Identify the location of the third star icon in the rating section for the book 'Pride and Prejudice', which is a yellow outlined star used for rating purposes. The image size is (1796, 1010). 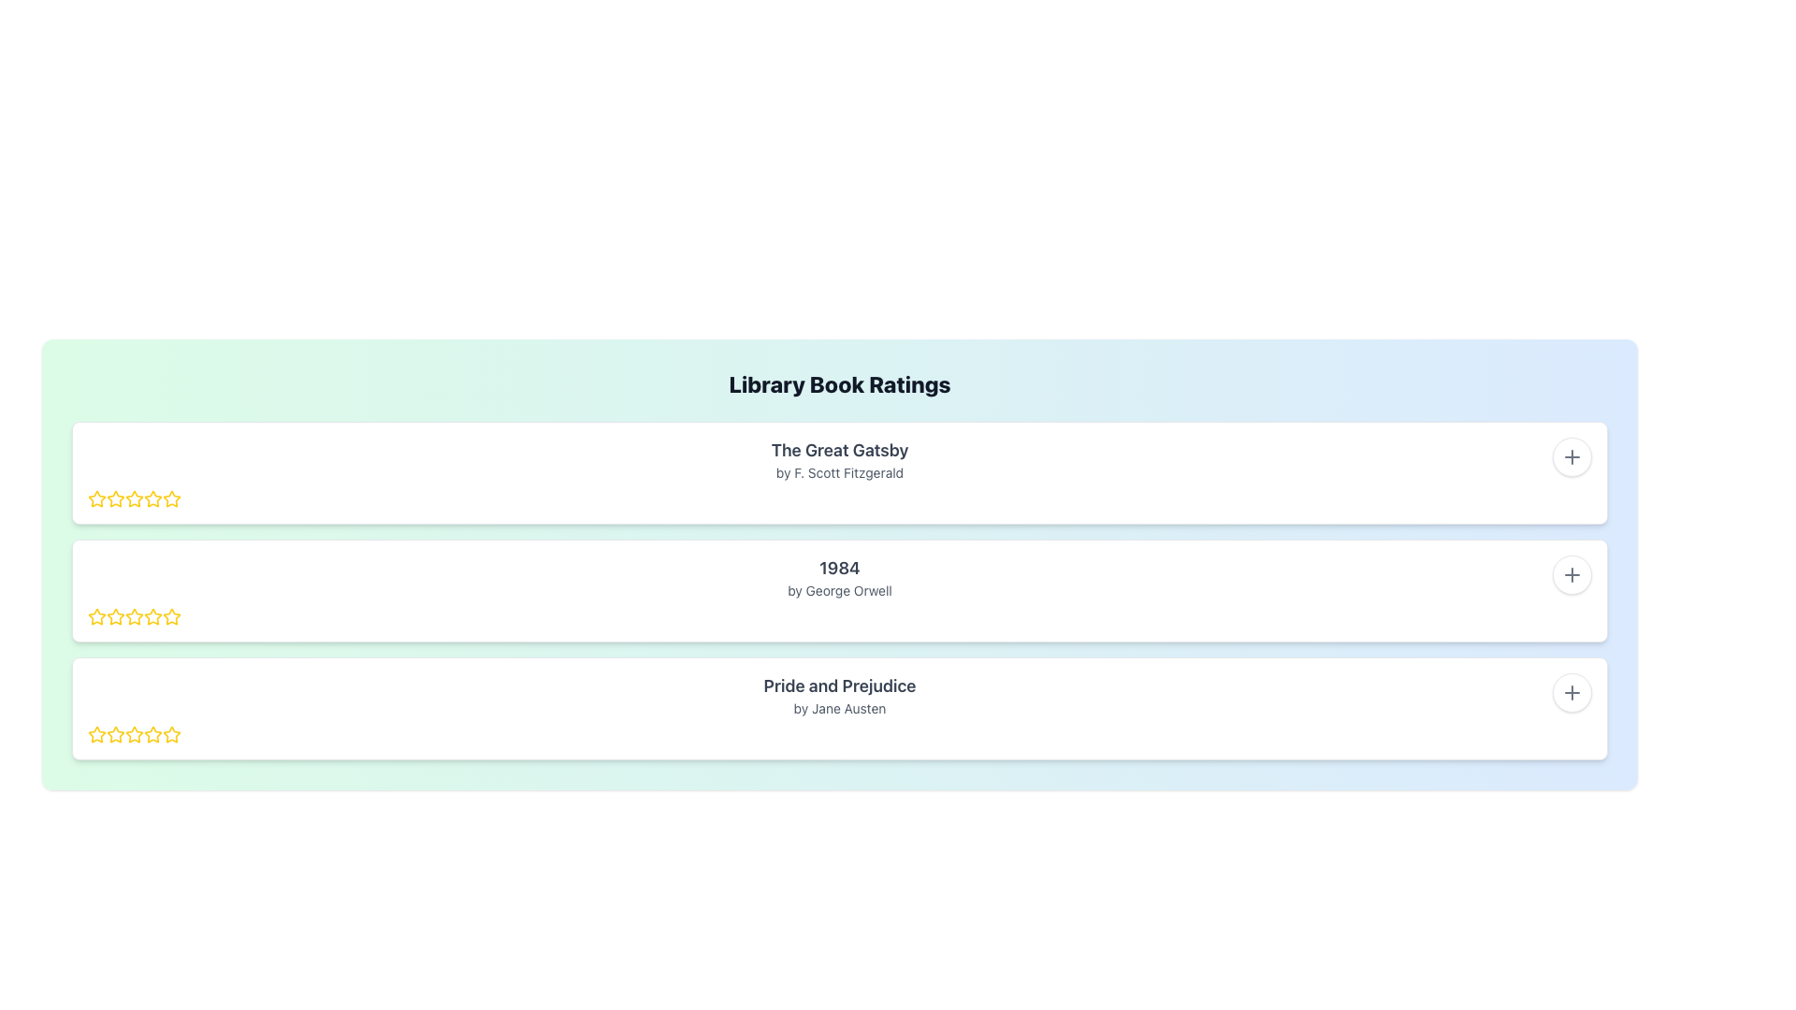
(134, 734).